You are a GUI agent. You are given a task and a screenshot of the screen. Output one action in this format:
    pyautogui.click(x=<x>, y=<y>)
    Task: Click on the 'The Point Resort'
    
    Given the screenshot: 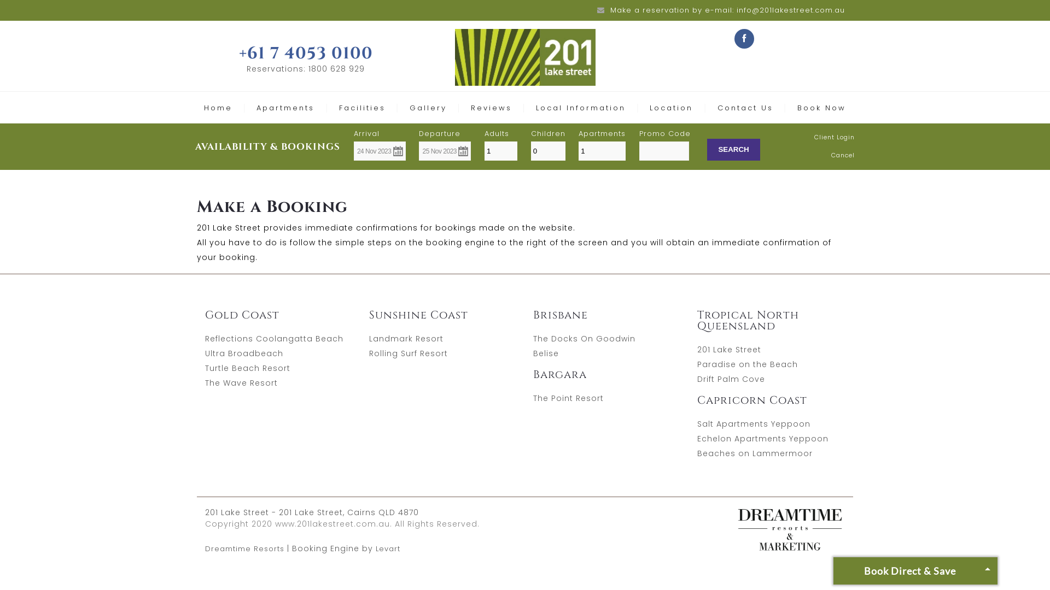 What is the action you would take?
    pyautogui.click(x=568, y=398)
    